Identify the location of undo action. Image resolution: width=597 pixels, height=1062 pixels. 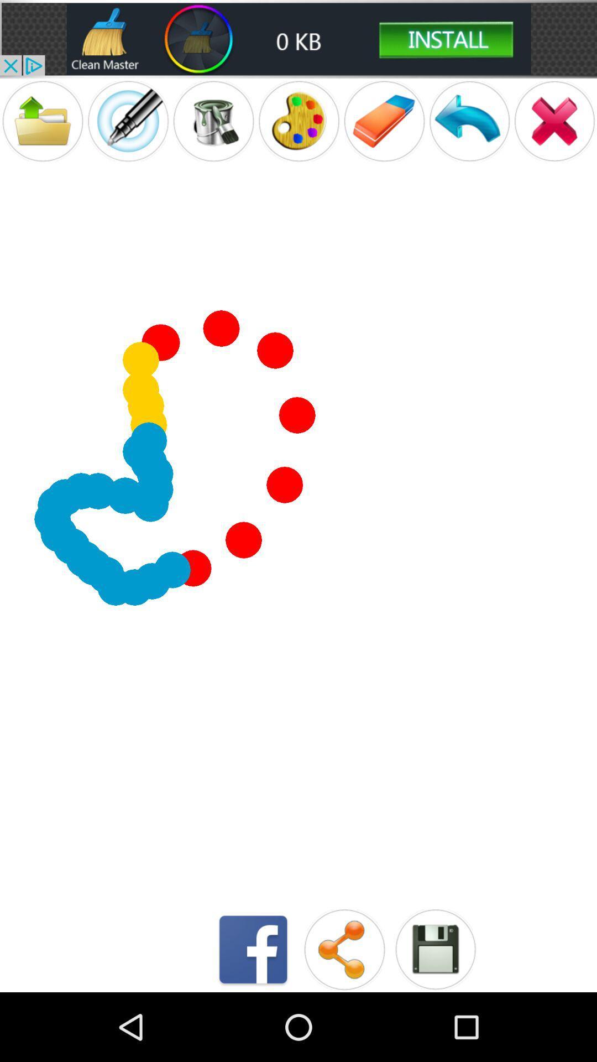
(469, 121).